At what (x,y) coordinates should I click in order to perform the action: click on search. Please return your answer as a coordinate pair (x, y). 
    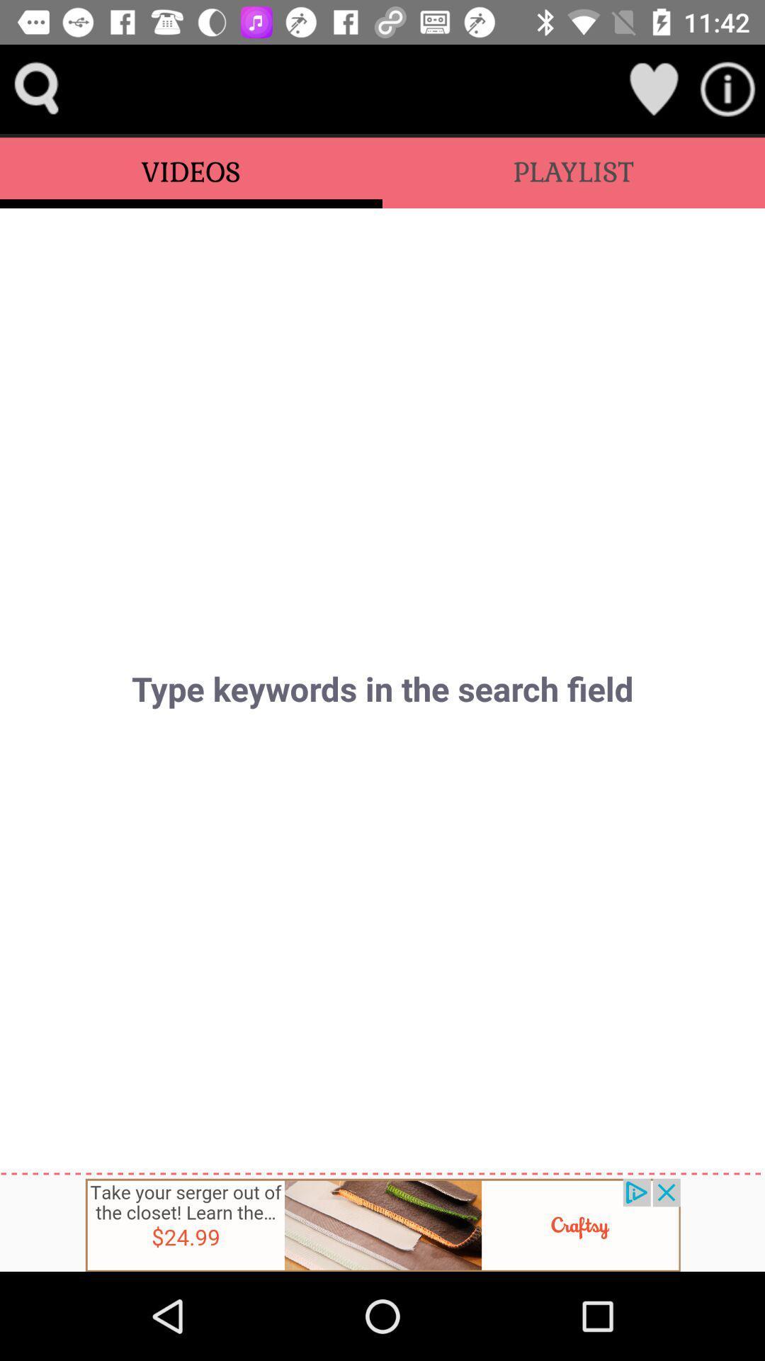
    Looking at the image, I should click on (36, 88).